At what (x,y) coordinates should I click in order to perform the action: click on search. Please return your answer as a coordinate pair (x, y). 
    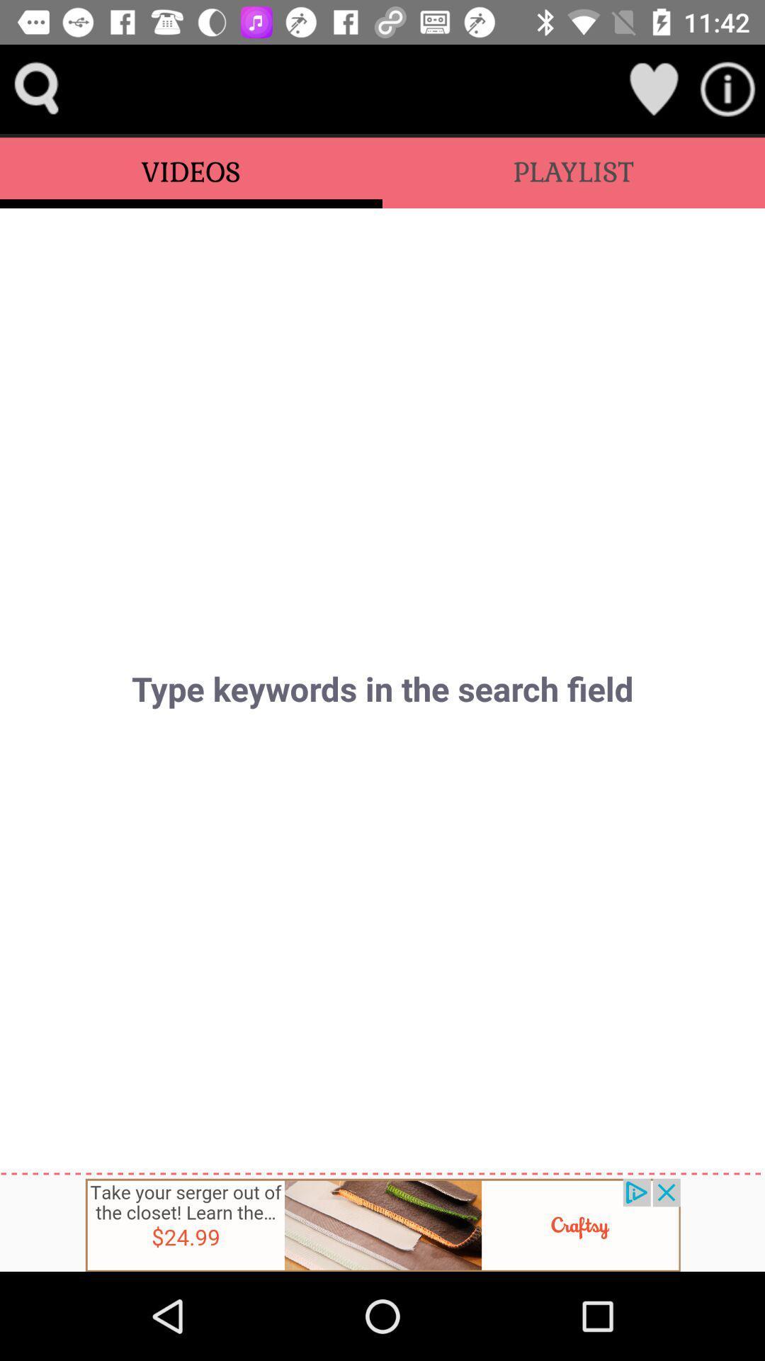
    Looking at the image, I should click on (36, 88).